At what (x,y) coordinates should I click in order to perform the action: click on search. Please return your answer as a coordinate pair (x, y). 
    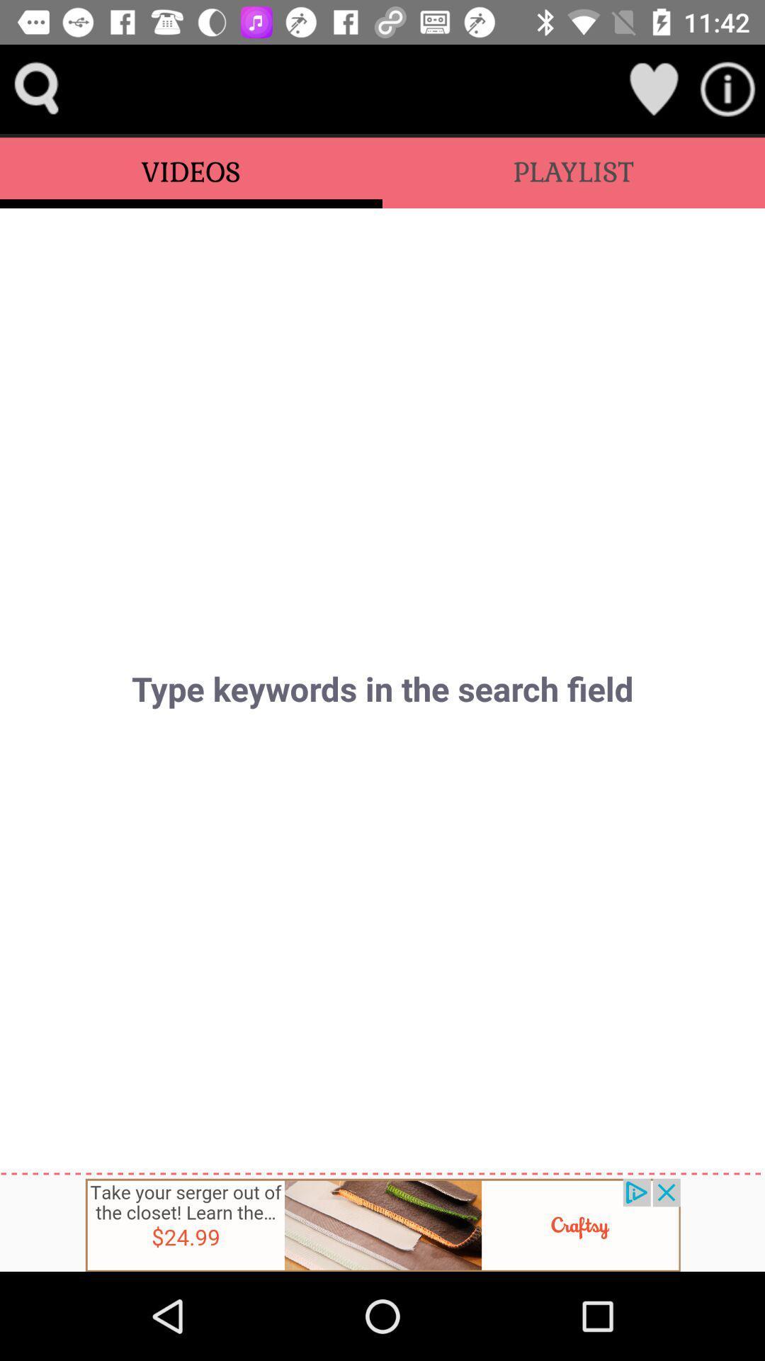
    Looking at the image, I should click on (36, 88).